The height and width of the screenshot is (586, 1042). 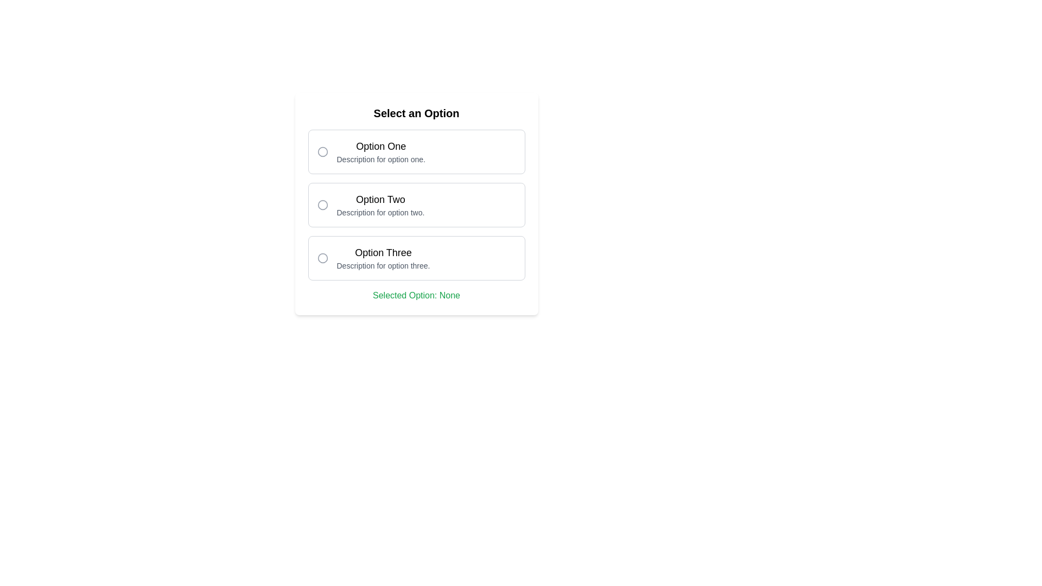 I want to click on the Text Display Section that shows 'Option One' and its description 'Description for option one', located to the right of the circular radio button, so click(x=381, y=152).